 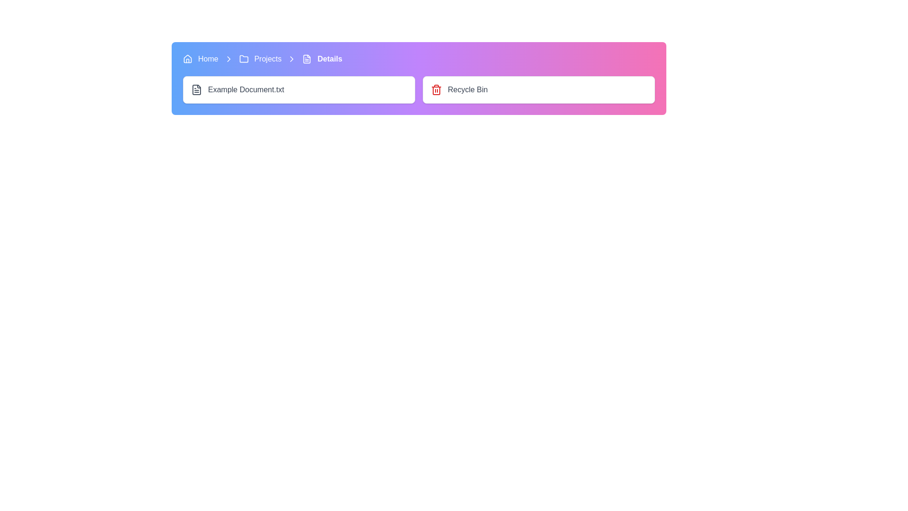 What do you see at coordinates (208, 59) in the screenshot?
I see `the text hyperlink in the breadcrumb navigation bar, located between a house icon and a right-arrow icon` at bounding box center [208, 59].